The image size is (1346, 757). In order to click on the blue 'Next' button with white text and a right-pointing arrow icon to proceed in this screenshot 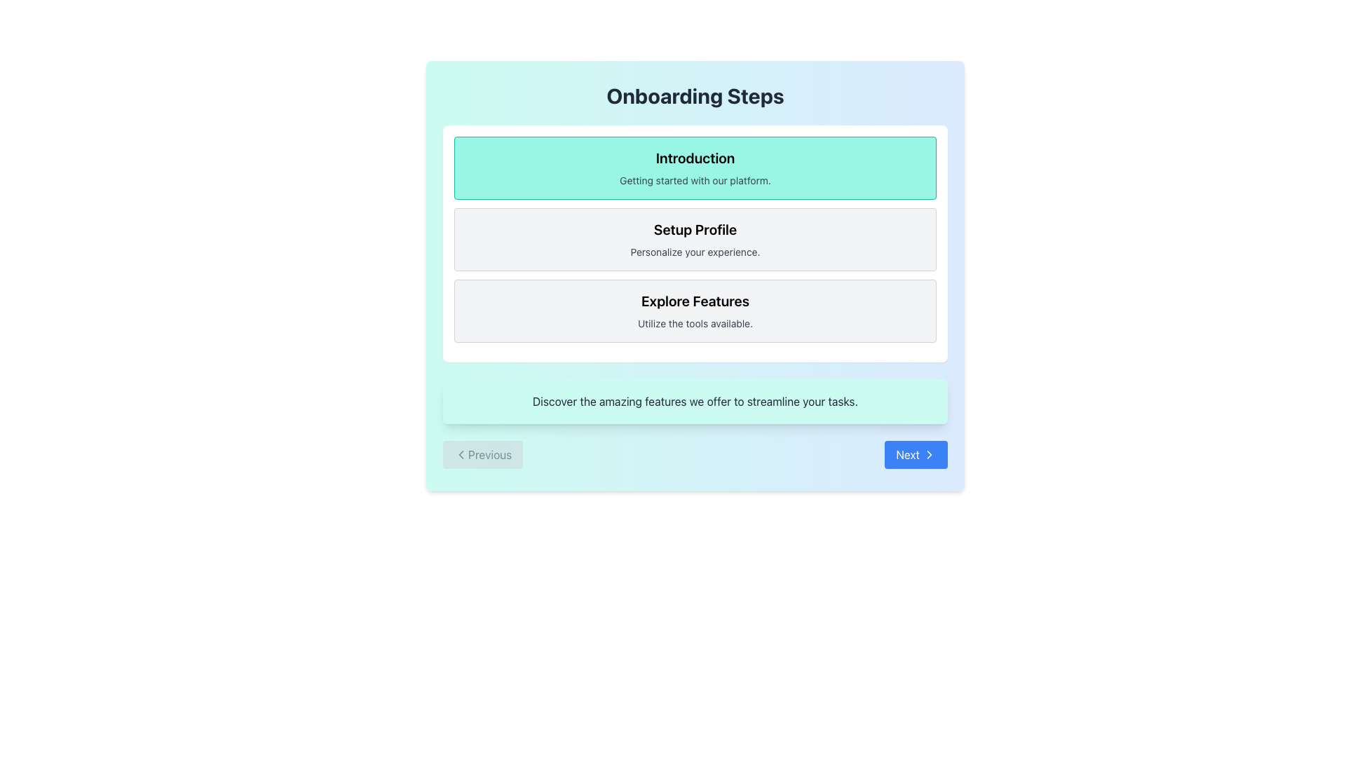, I will do `click(916, 454)`.